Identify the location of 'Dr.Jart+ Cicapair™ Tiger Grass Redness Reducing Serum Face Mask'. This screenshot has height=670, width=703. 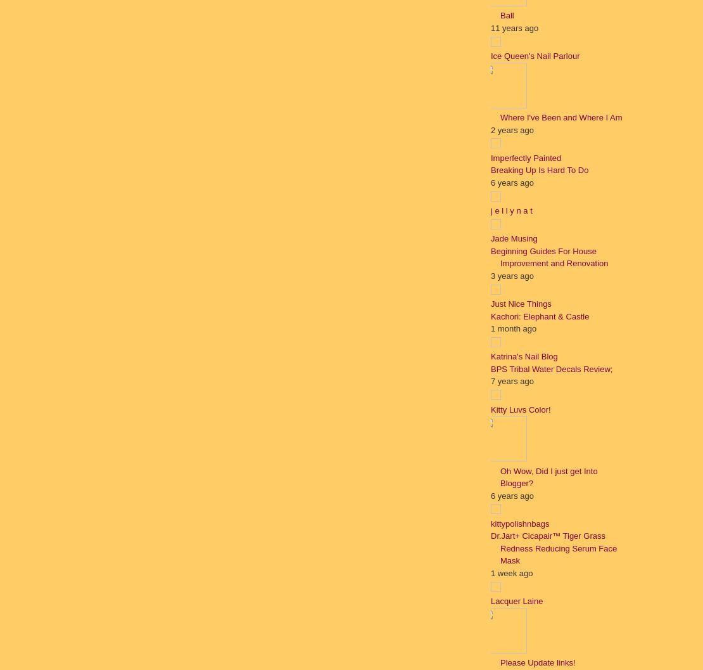
(553, 548).